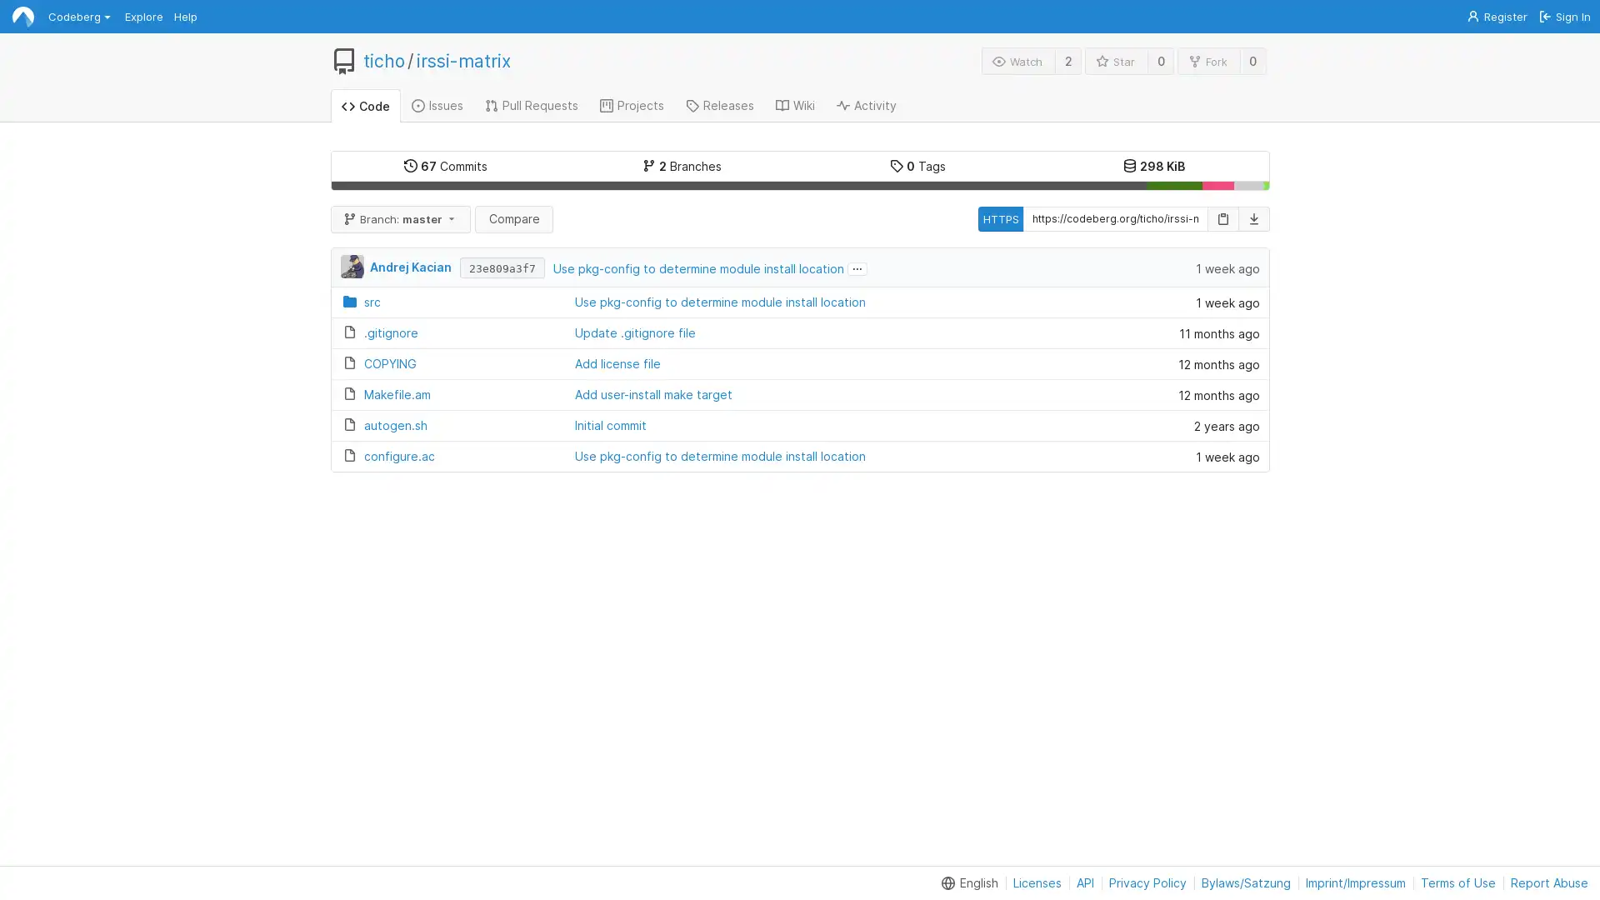 This screenshot has width=1600, height=900. I want to click on ..., so click(857, 267).